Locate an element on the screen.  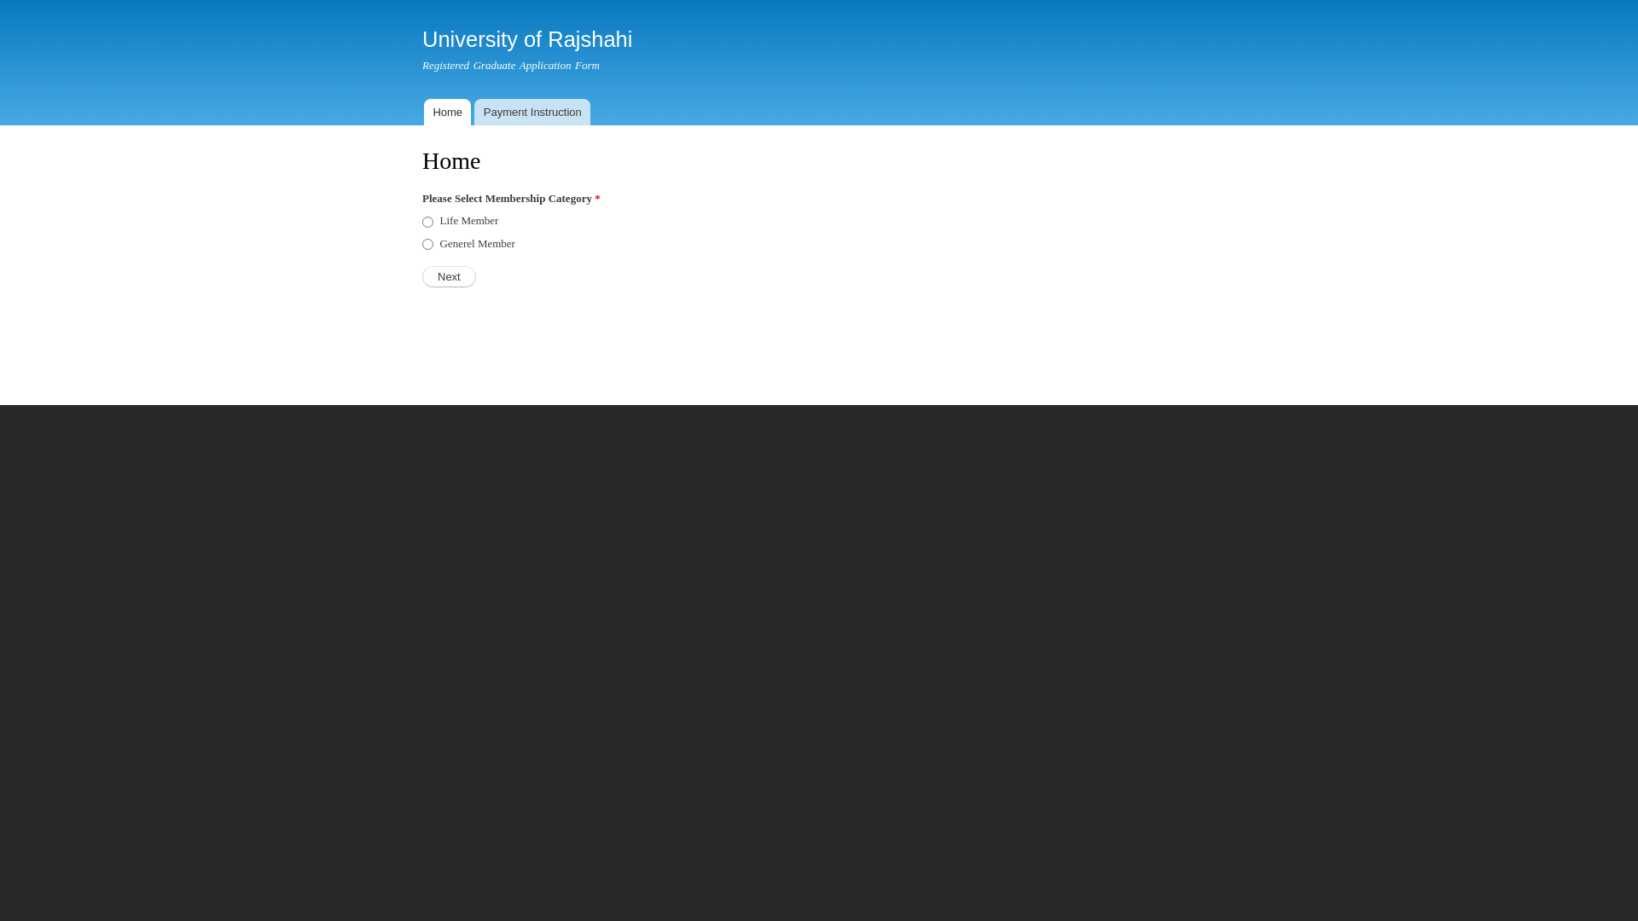
'Skip to main content' is located at coordinates (781, 2).